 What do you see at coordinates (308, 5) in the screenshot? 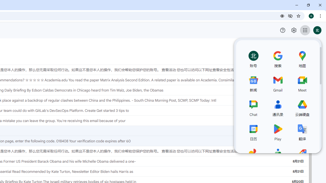
I see `'Restore'` at bounding box center [308, 5].